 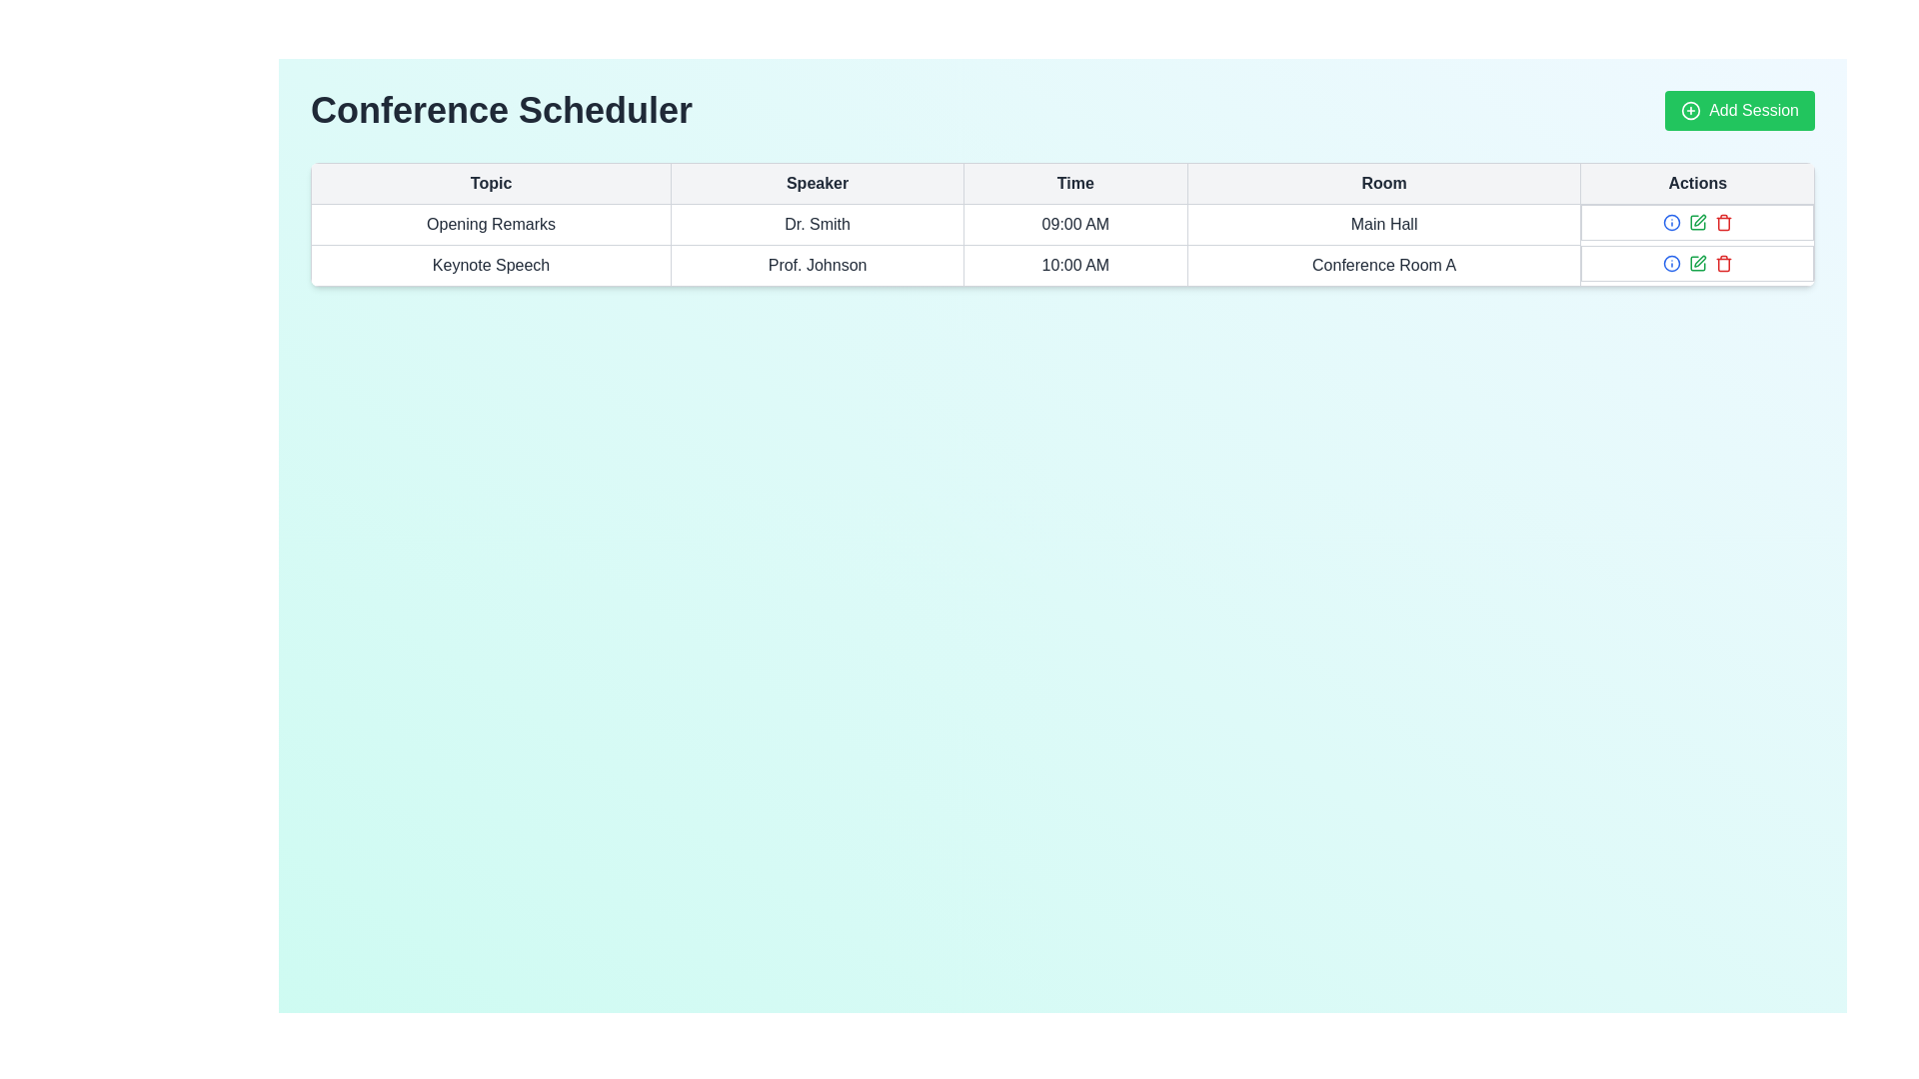 I want to click on the first table cell containing the text 'Keynote Speech' to identify the topic, so click(x=491, y=265).